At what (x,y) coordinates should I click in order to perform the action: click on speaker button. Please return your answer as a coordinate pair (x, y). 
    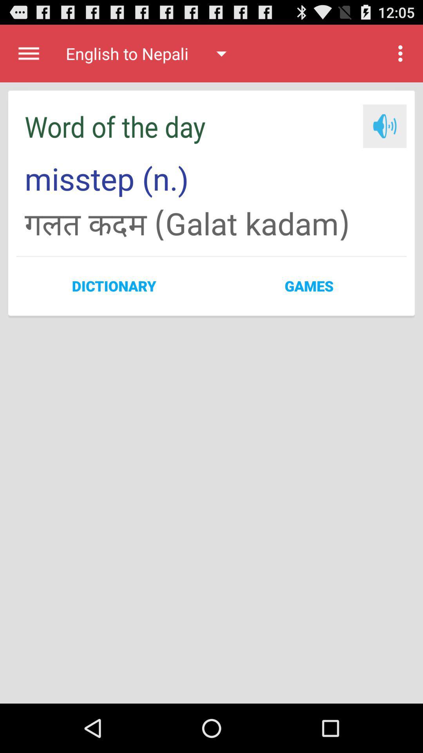
    Looking at the image, I should click on (384, 126).